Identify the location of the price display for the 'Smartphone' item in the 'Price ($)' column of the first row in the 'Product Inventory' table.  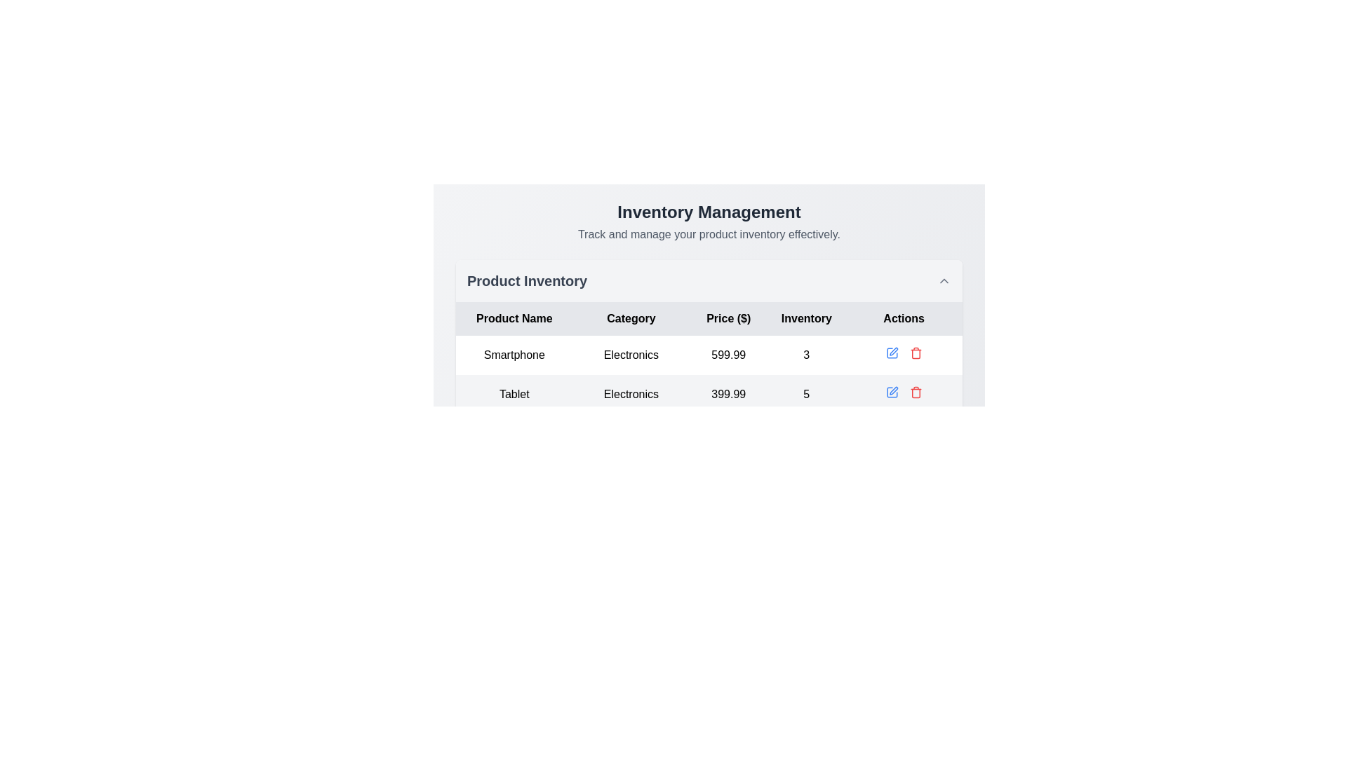
(728, 354).